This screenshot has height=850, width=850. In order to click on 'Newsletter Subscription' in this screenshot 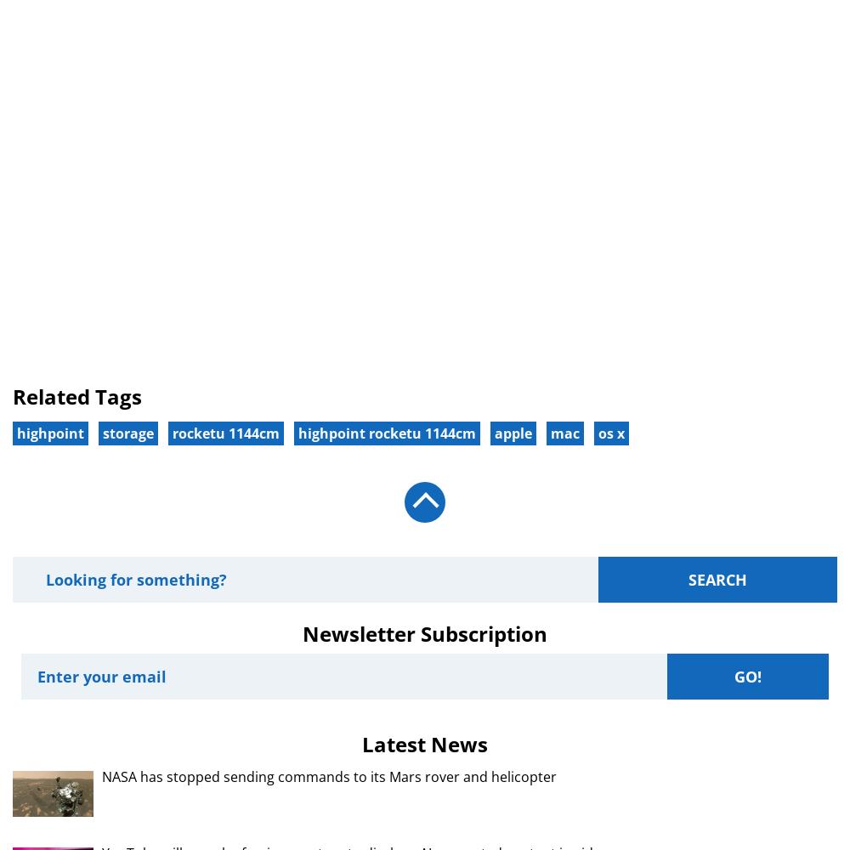, I will do `click(425, 632)`.